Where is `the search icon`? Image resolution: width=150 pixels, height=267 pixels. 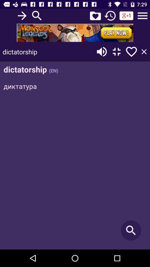 the search icon is located at coordinates (37, 15).